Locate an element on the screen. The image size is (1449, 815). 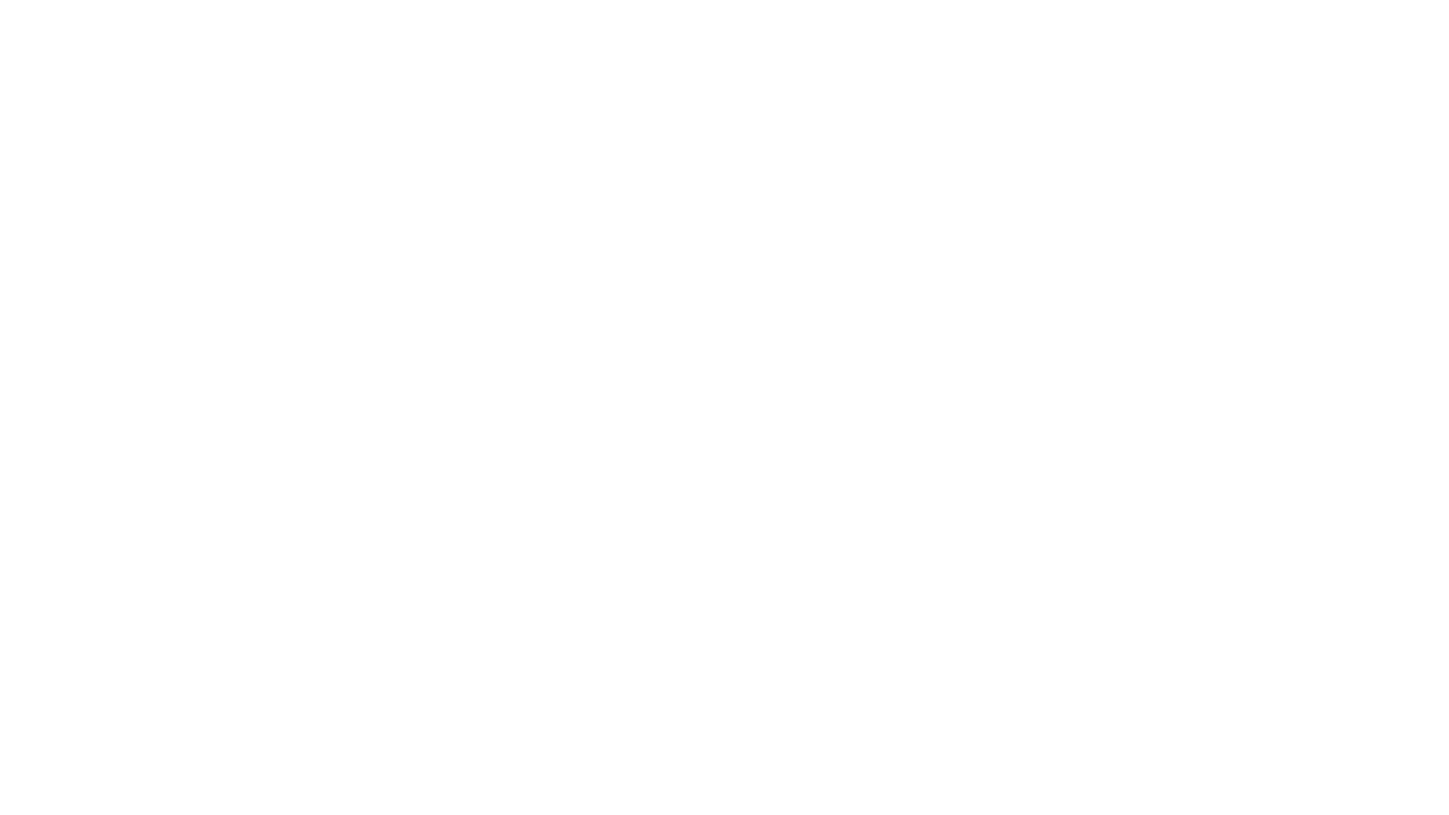
Back is located at coordinates (29, 784).